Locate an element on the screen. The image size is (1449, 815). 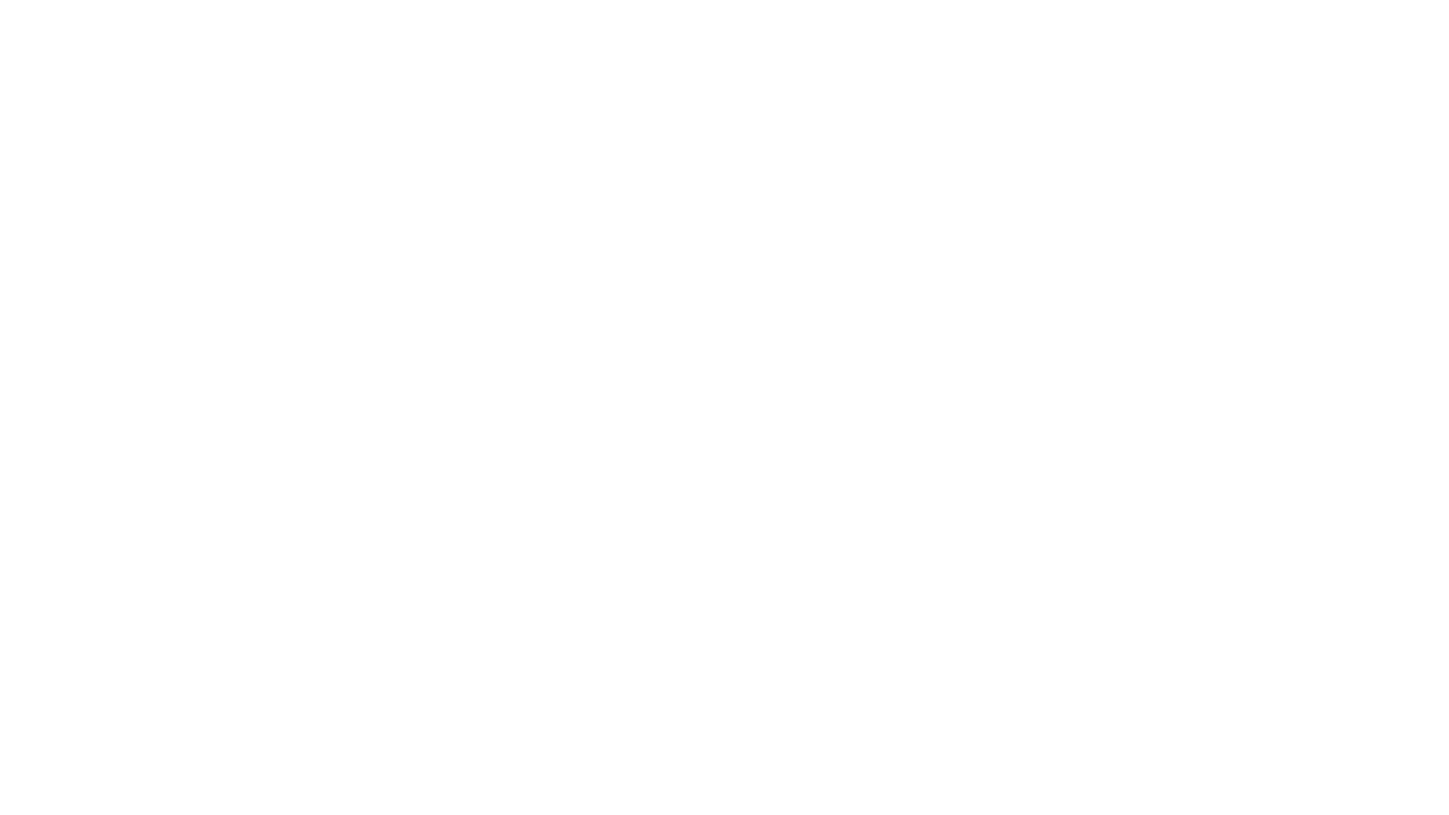
Back is located at coordinates (29, 784).